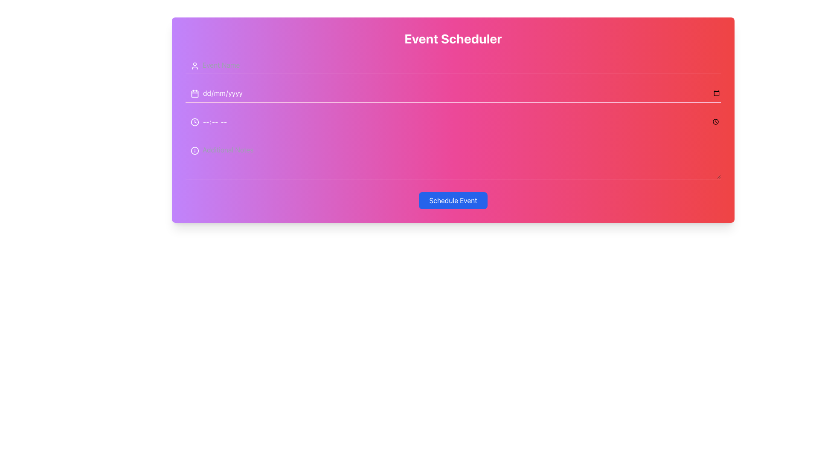 The height and width of the screenshot is (460, 819). What do you see at coordinates (194, 93) in the screenshot?
I see `the small calendar icon outlined in white, positioned just before the date input field labeled 'dd/mm/yyyy'` at bounding box center [194, 93].